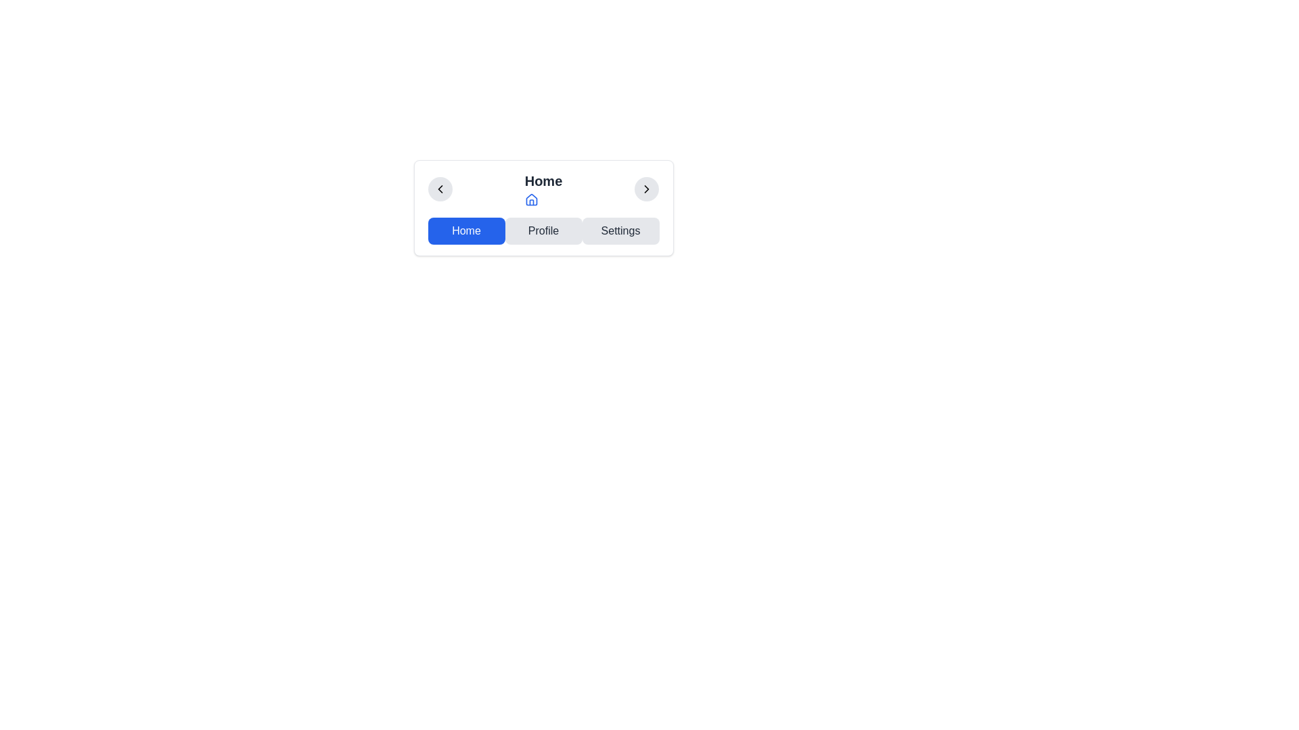 This screenshot has height=730, width=1299. Describe the element at coordinates (543, 230) in the screenshot. I see `the middle button labeled 'Profile' under the 'Home' heading` at that location.